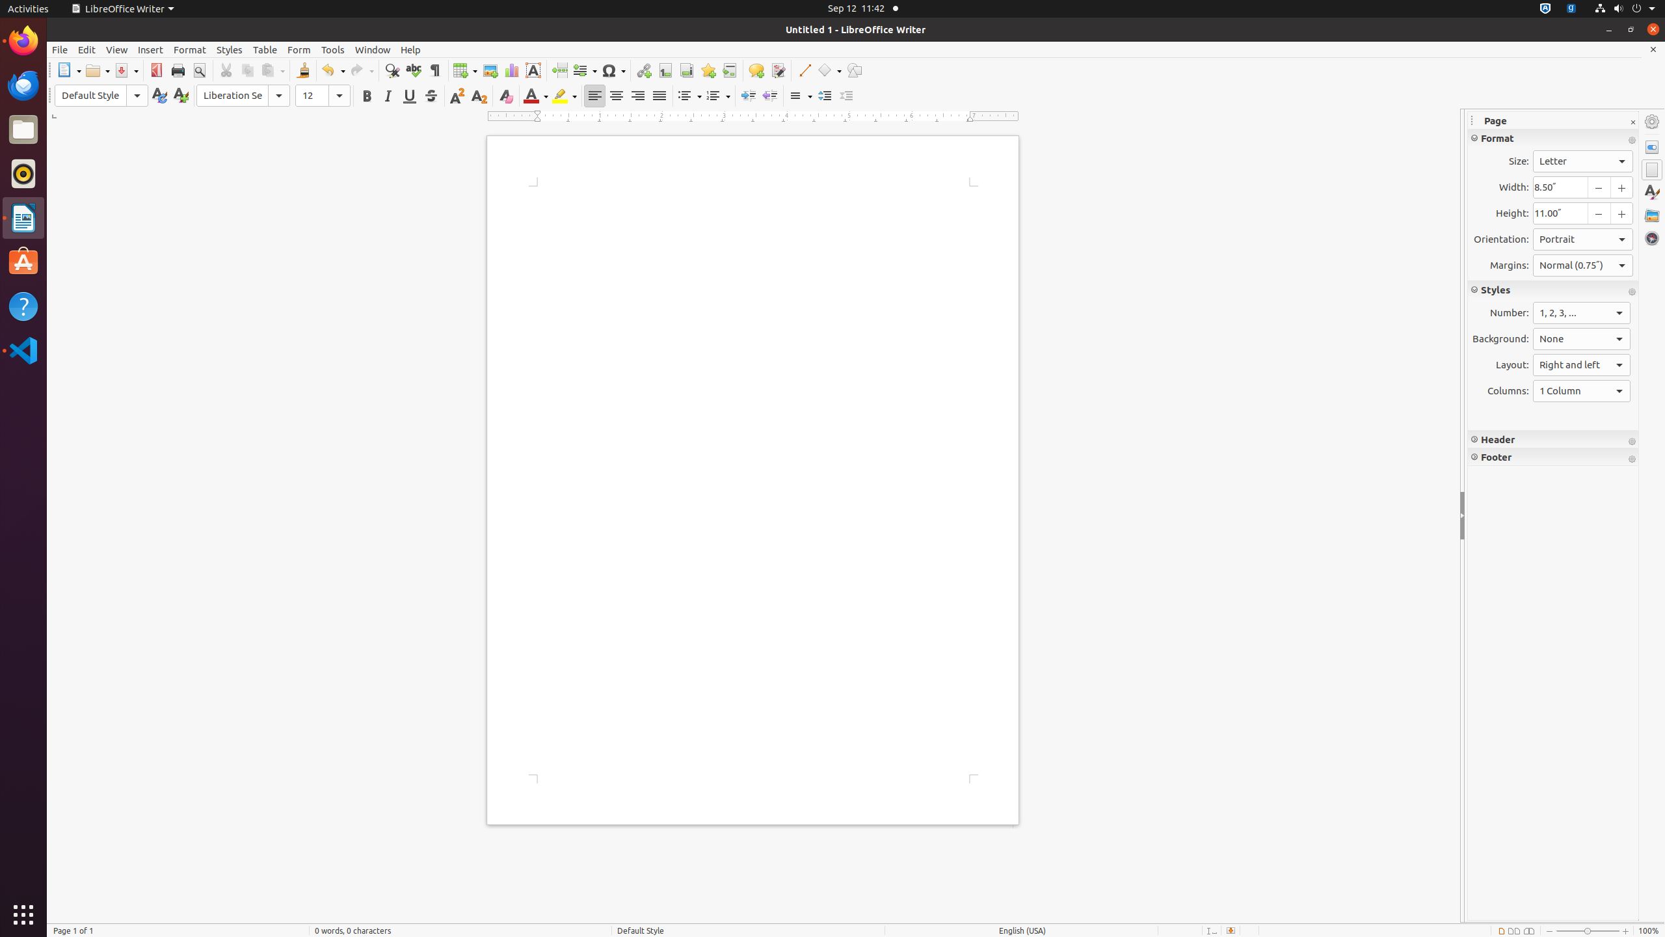 This screenshot has width=1665, height=937. I want to click on 'Italic', so click(387, 95).